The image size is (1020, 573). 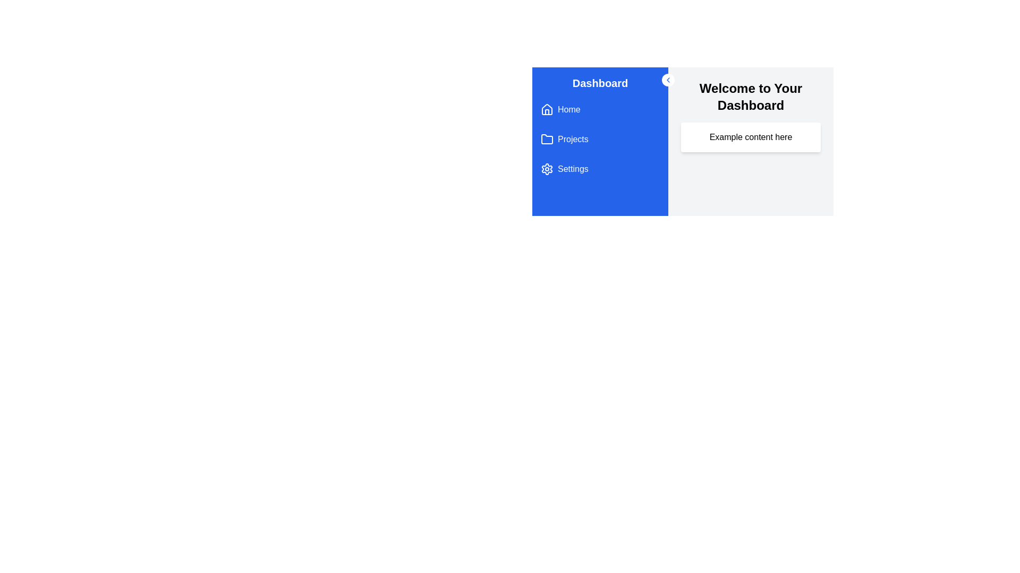 I want to click on the house-shaped icon in the navigation sidebar, so click(x=547, y=109).